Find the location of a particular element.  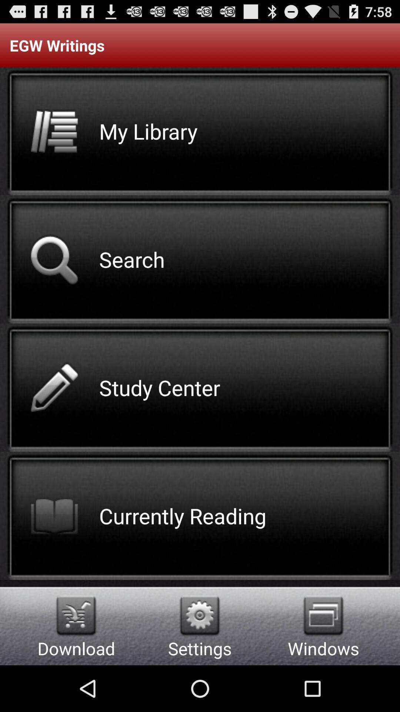

the settings icon is located at coordinates (199, 659).